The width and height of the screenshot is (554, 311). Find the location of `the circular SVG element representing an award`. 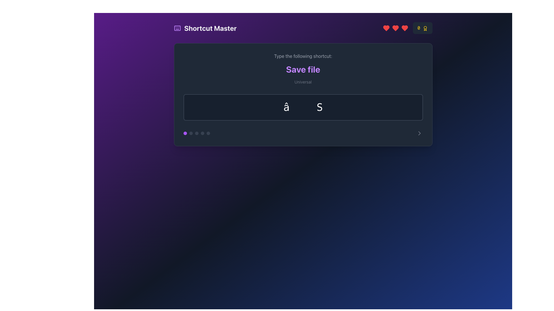

the circular SVG element representing an award is located at coordinates (425, 27).